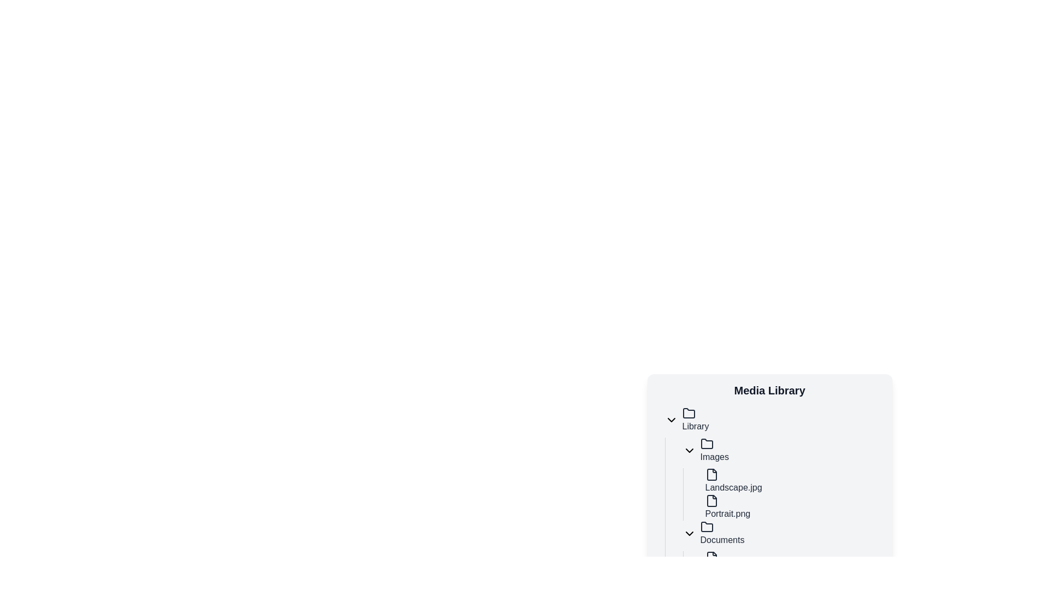  Describe the element at coordinates (670, 419) in the screenshot. I see `the Toggle Indicator Icon located to the left of the 'Library' label in the sidebar, which is used to expand or collapse the Library section` at that location.